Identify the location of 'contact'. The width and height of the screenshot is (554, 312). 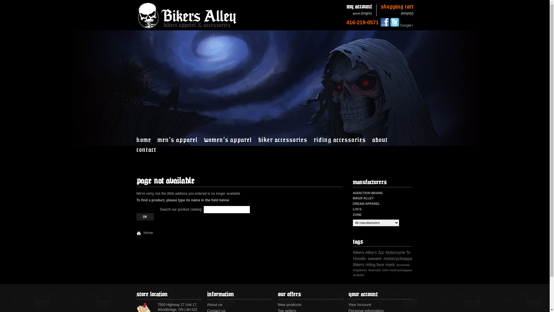
(136, 149).